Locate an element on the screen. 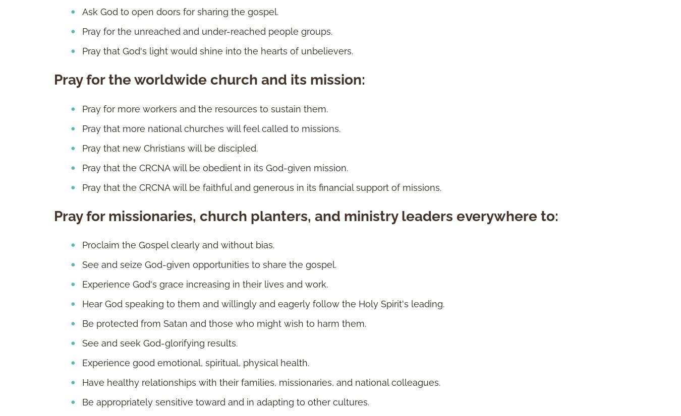 This screenshot has width=681, height=416. 'About Us' is located at coordinates (355, 65).